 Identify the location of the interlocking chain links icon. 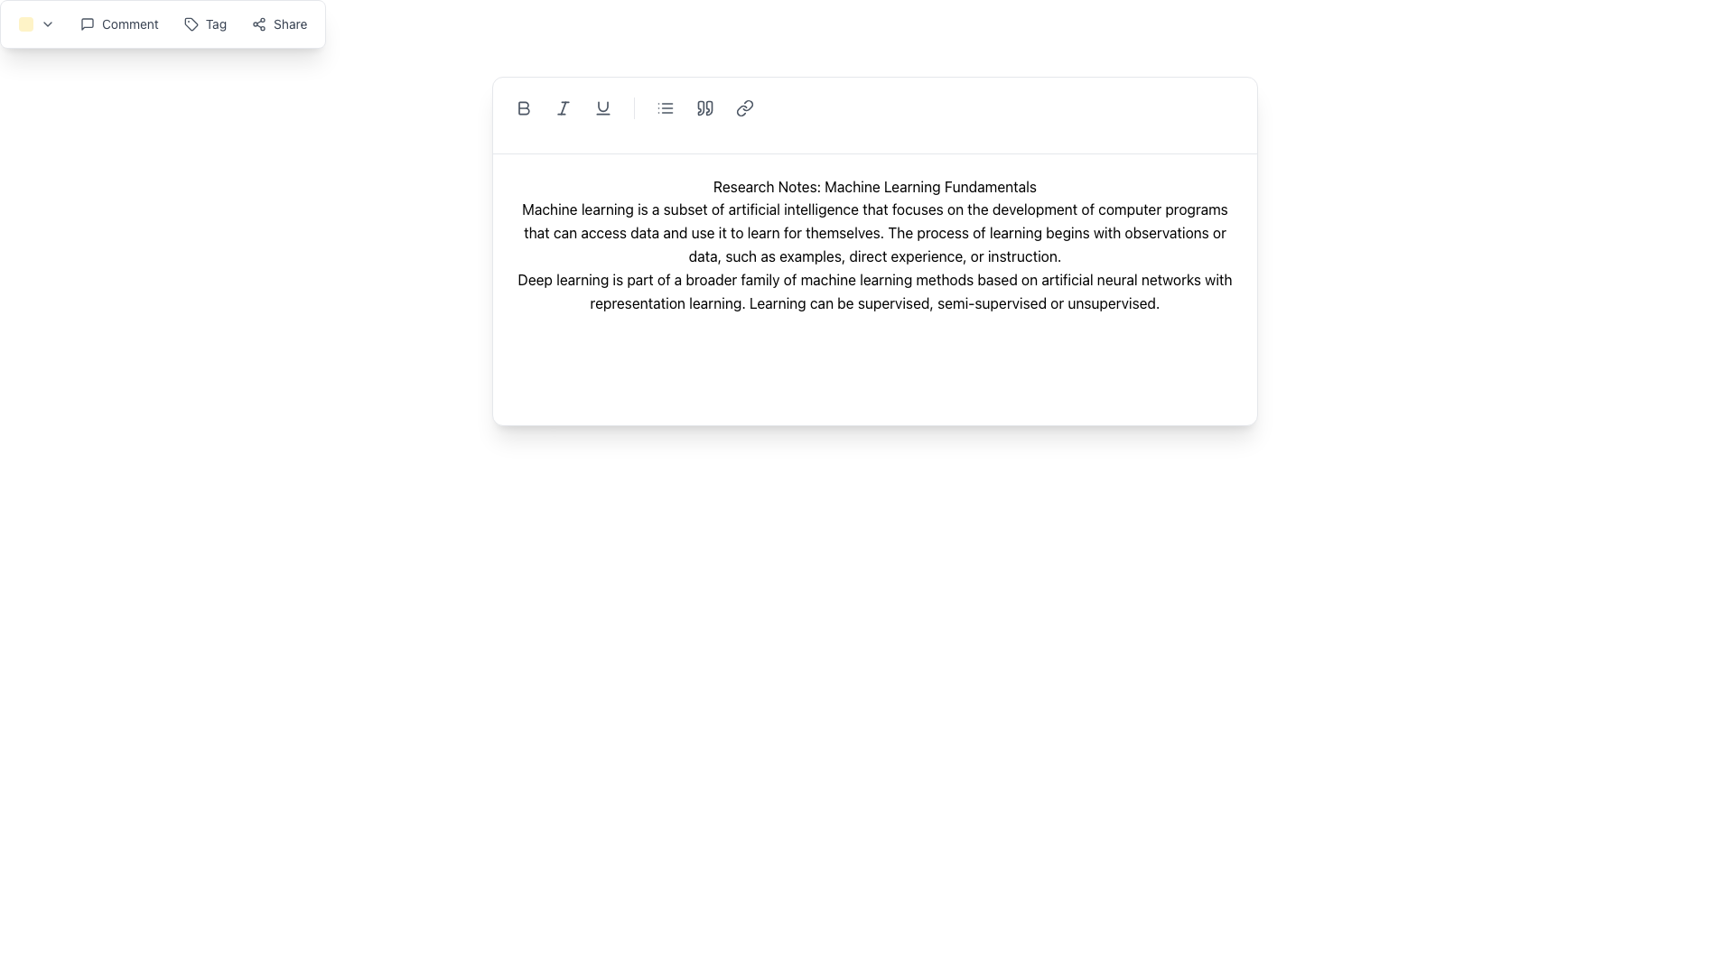
(745, 107).